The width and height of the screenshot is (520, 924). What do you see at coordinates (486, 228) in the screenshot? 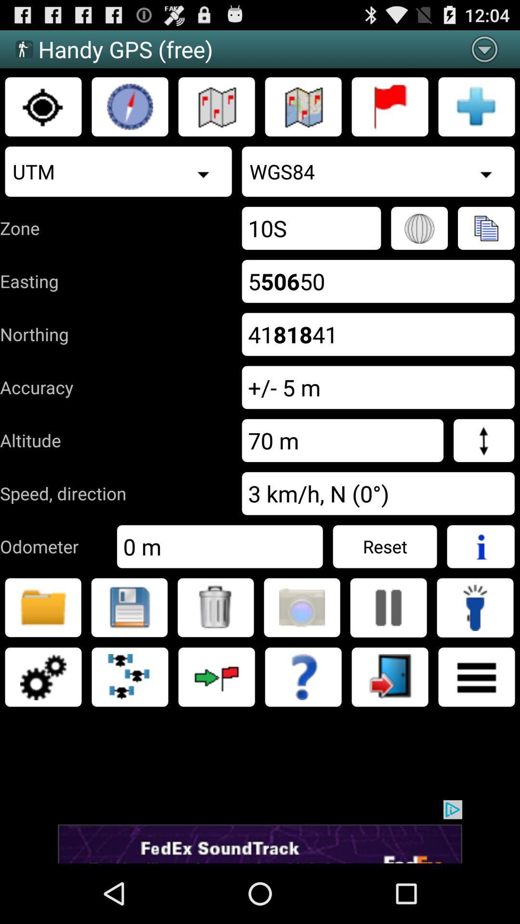
I see `upload contact` at bounding box center [486, 228].